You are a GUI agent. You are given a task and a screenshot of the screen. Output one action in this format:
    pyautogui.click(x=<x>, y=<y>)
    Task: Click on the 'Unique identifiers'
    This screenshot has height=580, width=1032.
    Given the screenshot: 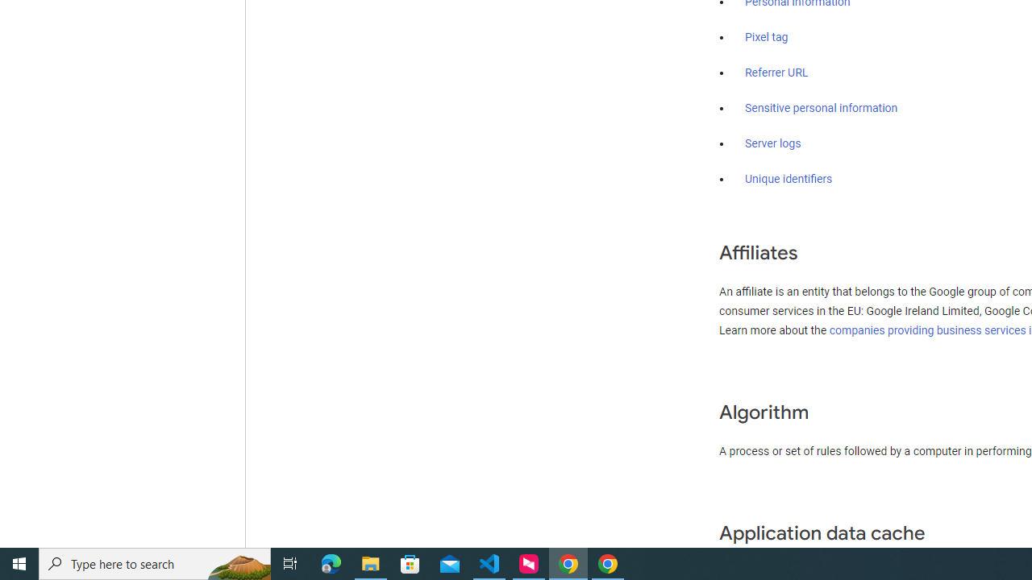 What is the action you would take?
    pyautogui.click(x=789, y=179)
    